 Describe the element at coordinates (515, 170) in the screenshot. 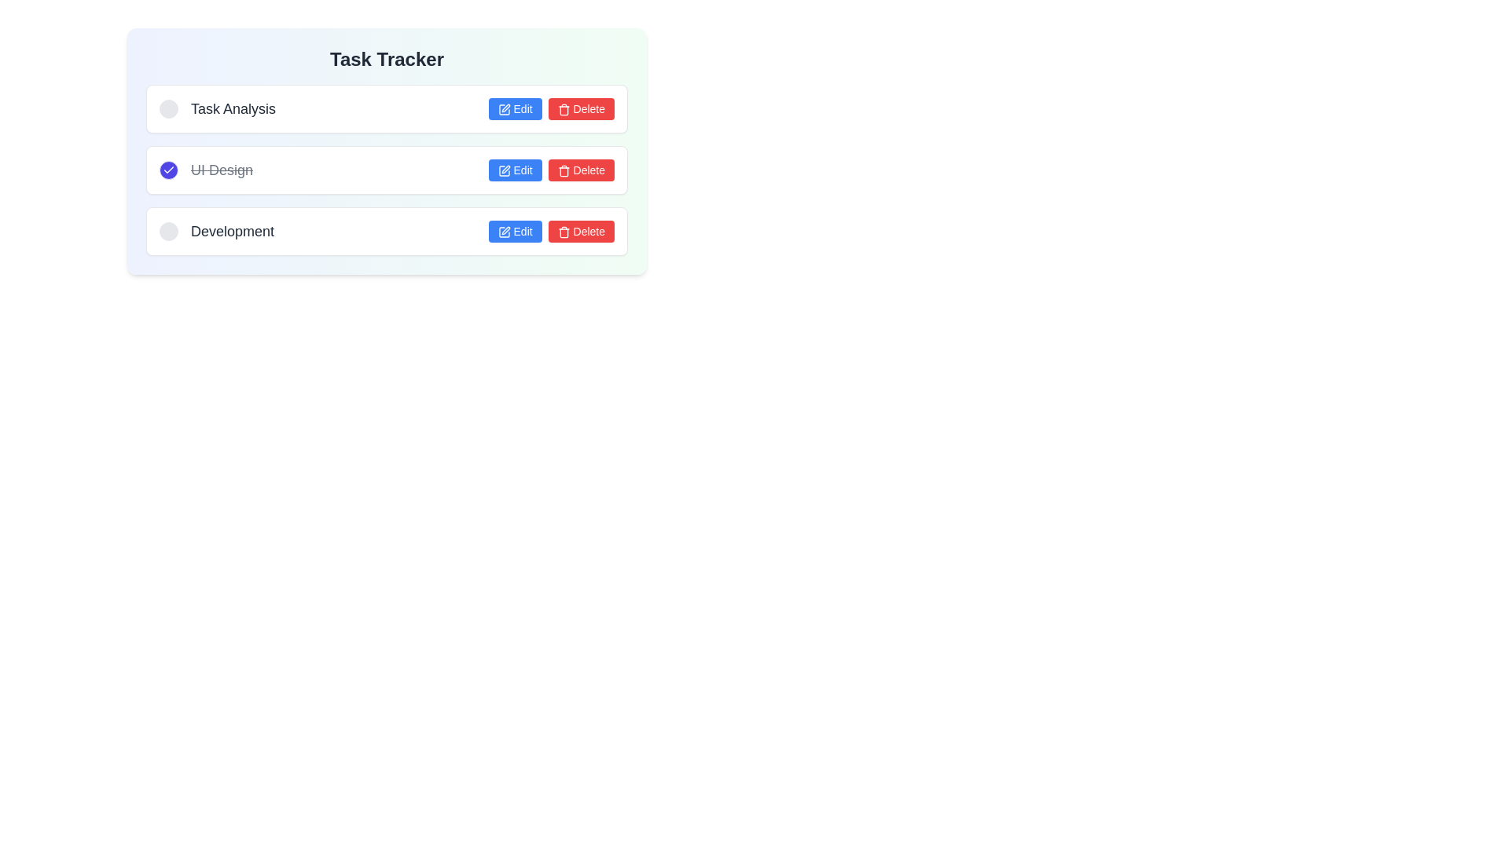

I see `the 'Edit' button in the 'UI Design' task section` at that location.